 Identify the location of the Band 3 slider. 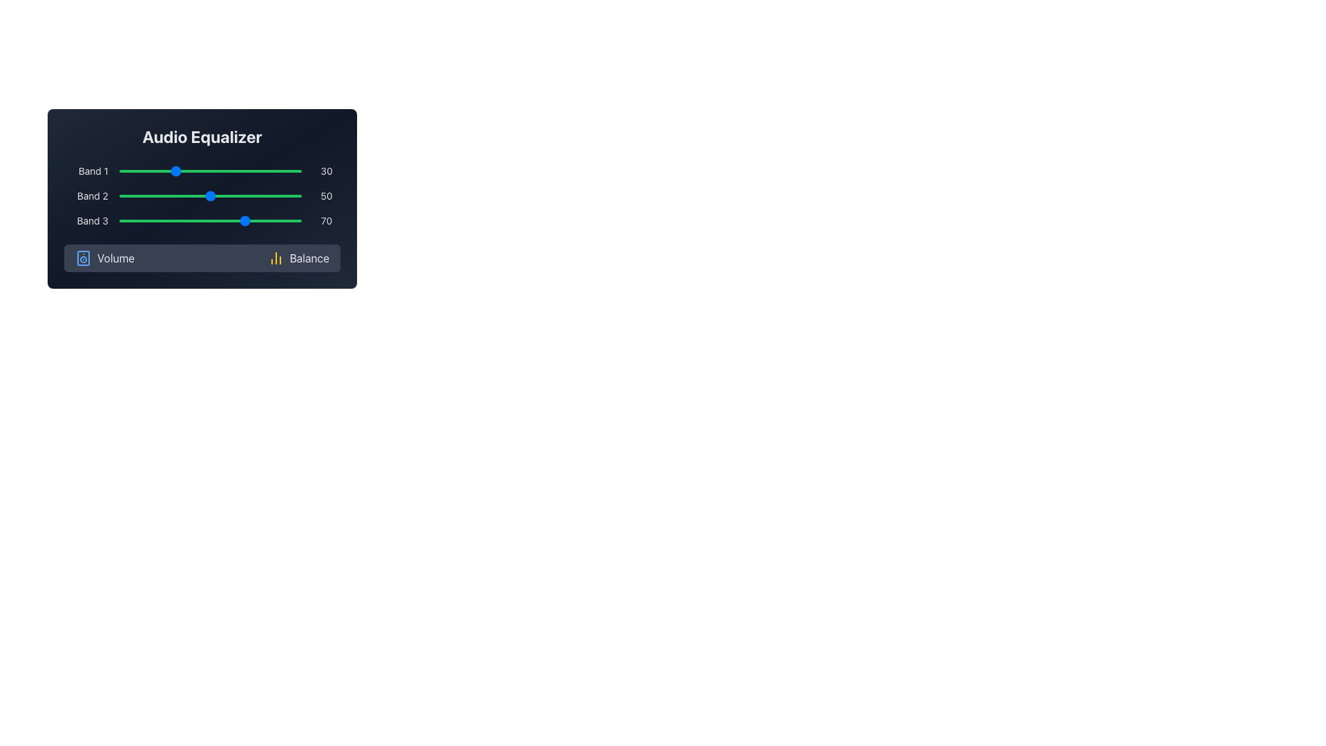
(211, 220).